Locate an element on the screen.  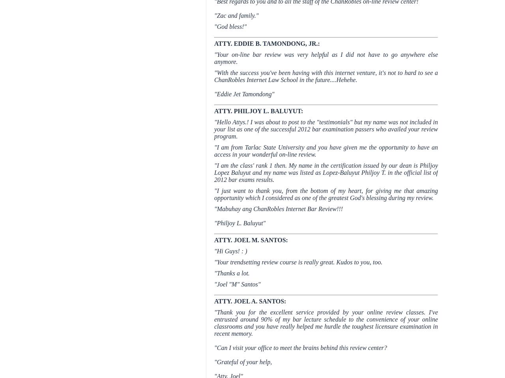
'ATTY. EDDIE B. TAMONDONG, JR.:' is located at coordinates (267, 43).